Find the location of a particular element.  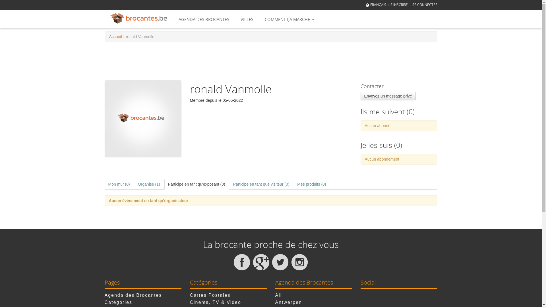

'Agenda des Brocantes' is located at coordinates (105, 295).